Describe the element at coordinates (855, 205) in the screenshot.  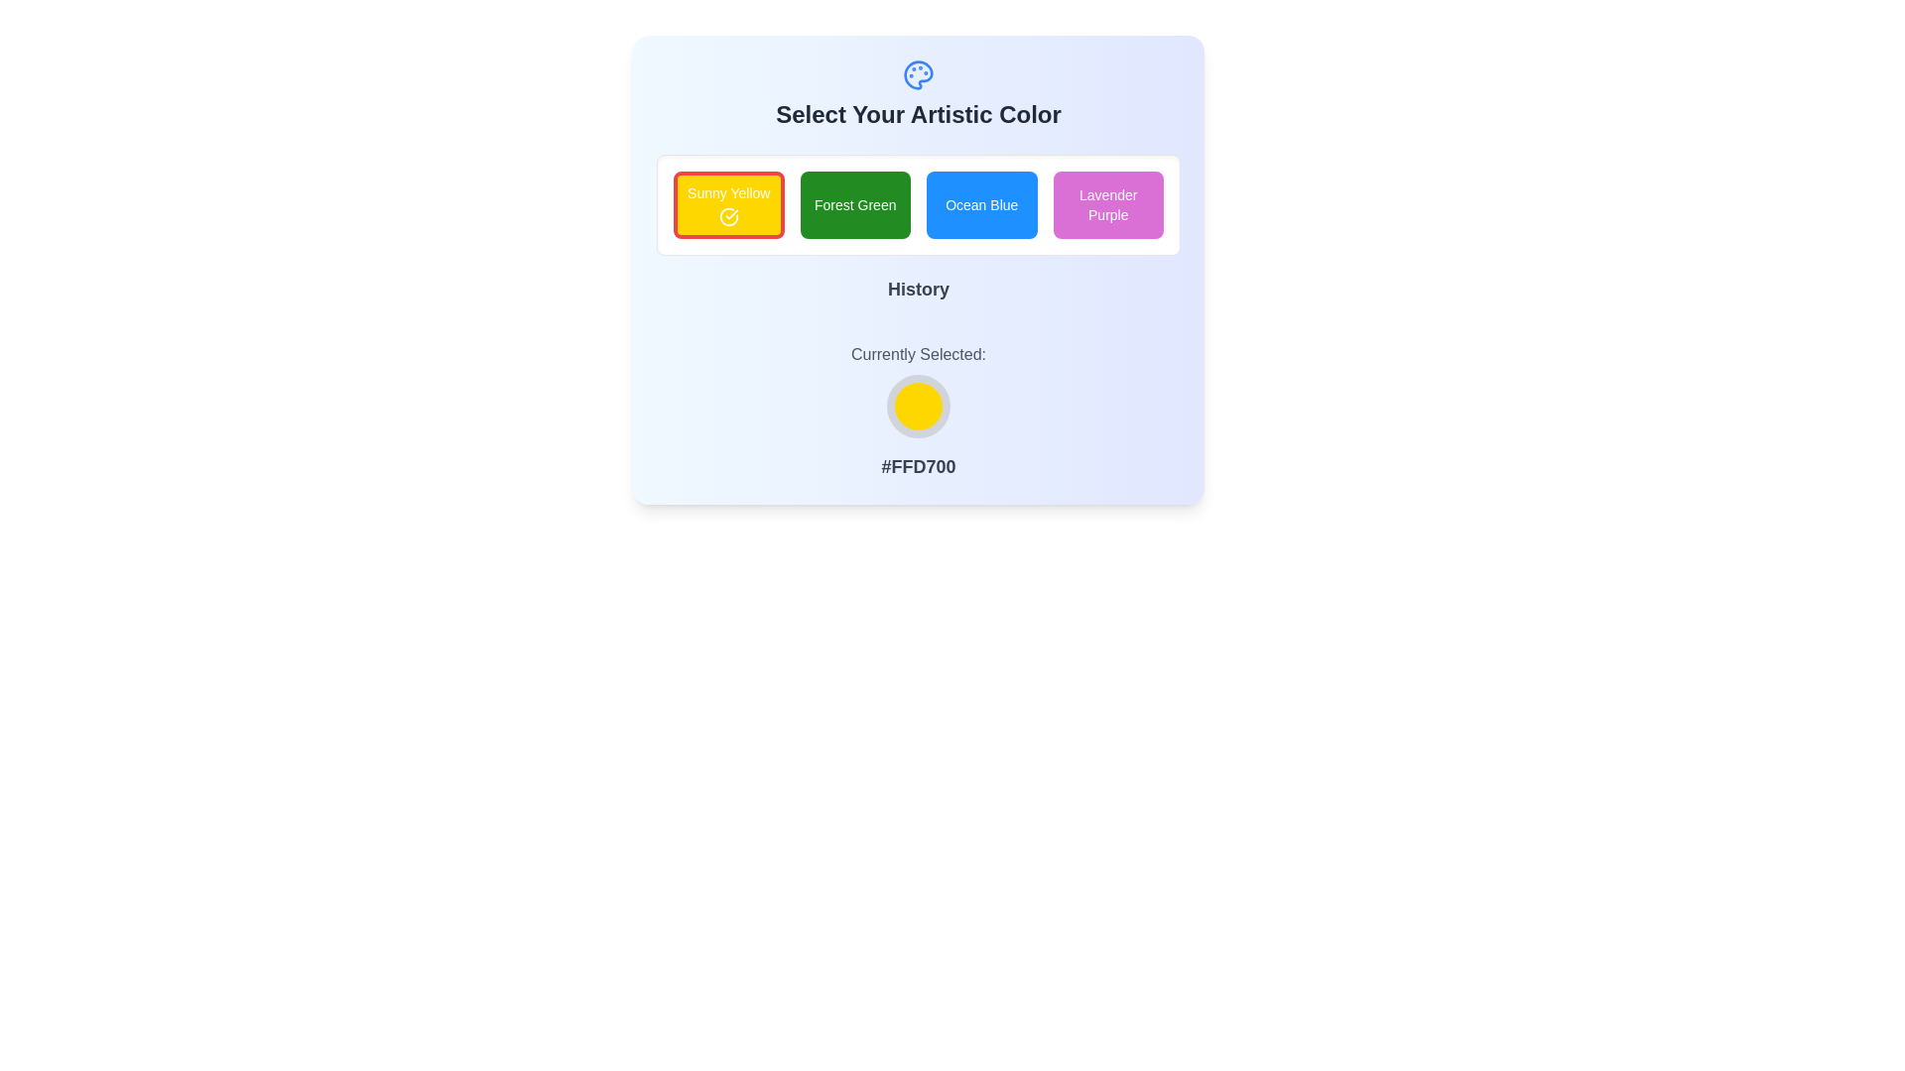
I see `the 'Forest Green' button, which is a rectangular button with a green background and white centered text` at that location.